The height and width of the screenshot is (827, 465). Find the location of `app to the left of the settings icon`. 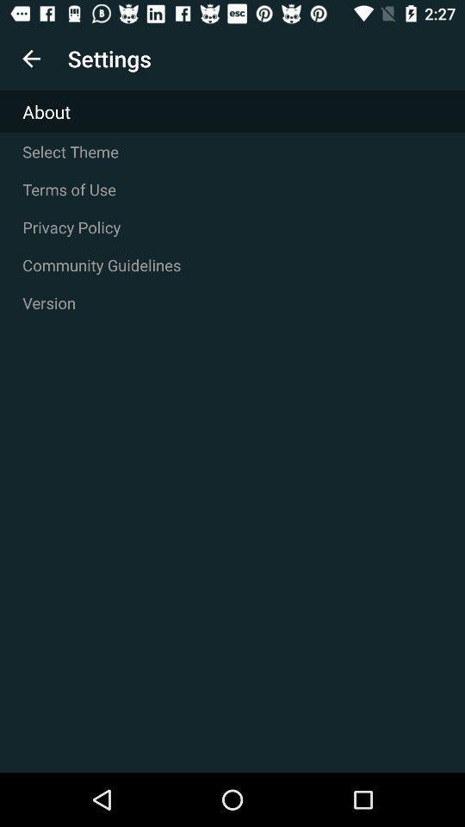

app to the left of the settings icon is located at coordinates (31, 59).